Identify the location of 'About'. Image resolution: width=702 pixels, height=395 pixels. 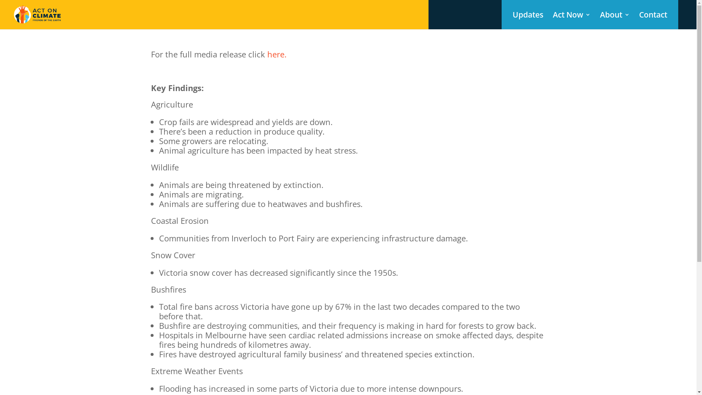
(600, 20).